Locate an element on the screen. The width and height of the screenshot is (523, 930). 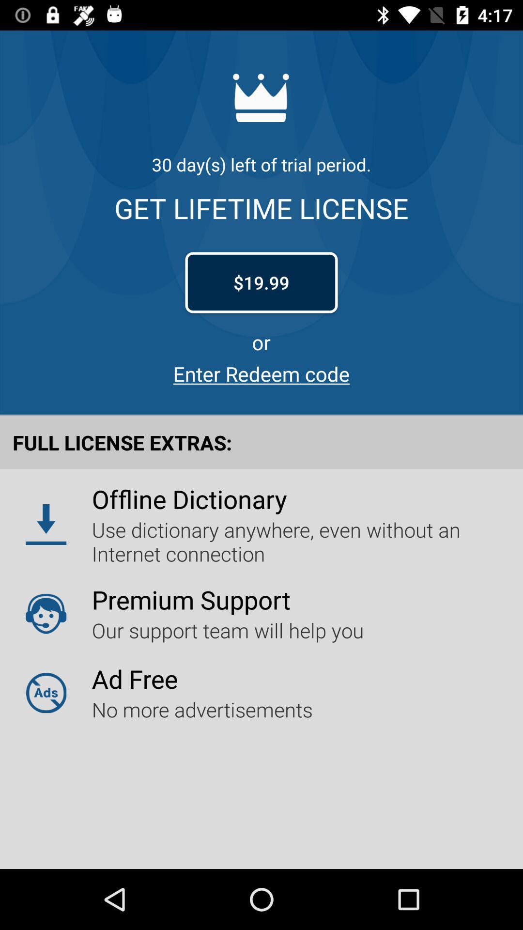
the enter redeem code is located at coordinates (261, 373).